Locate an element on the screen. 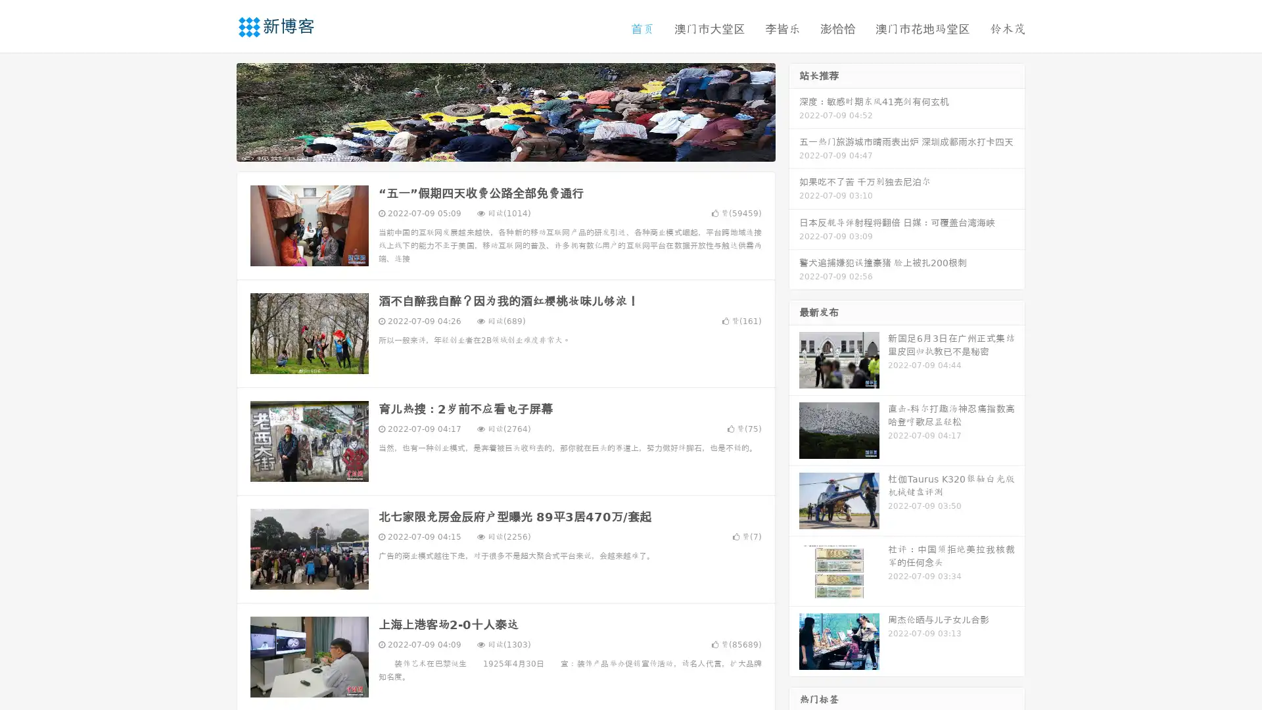 This screenshot has height=710, width=1262. Previous slide is located at coordinates (217, 110).